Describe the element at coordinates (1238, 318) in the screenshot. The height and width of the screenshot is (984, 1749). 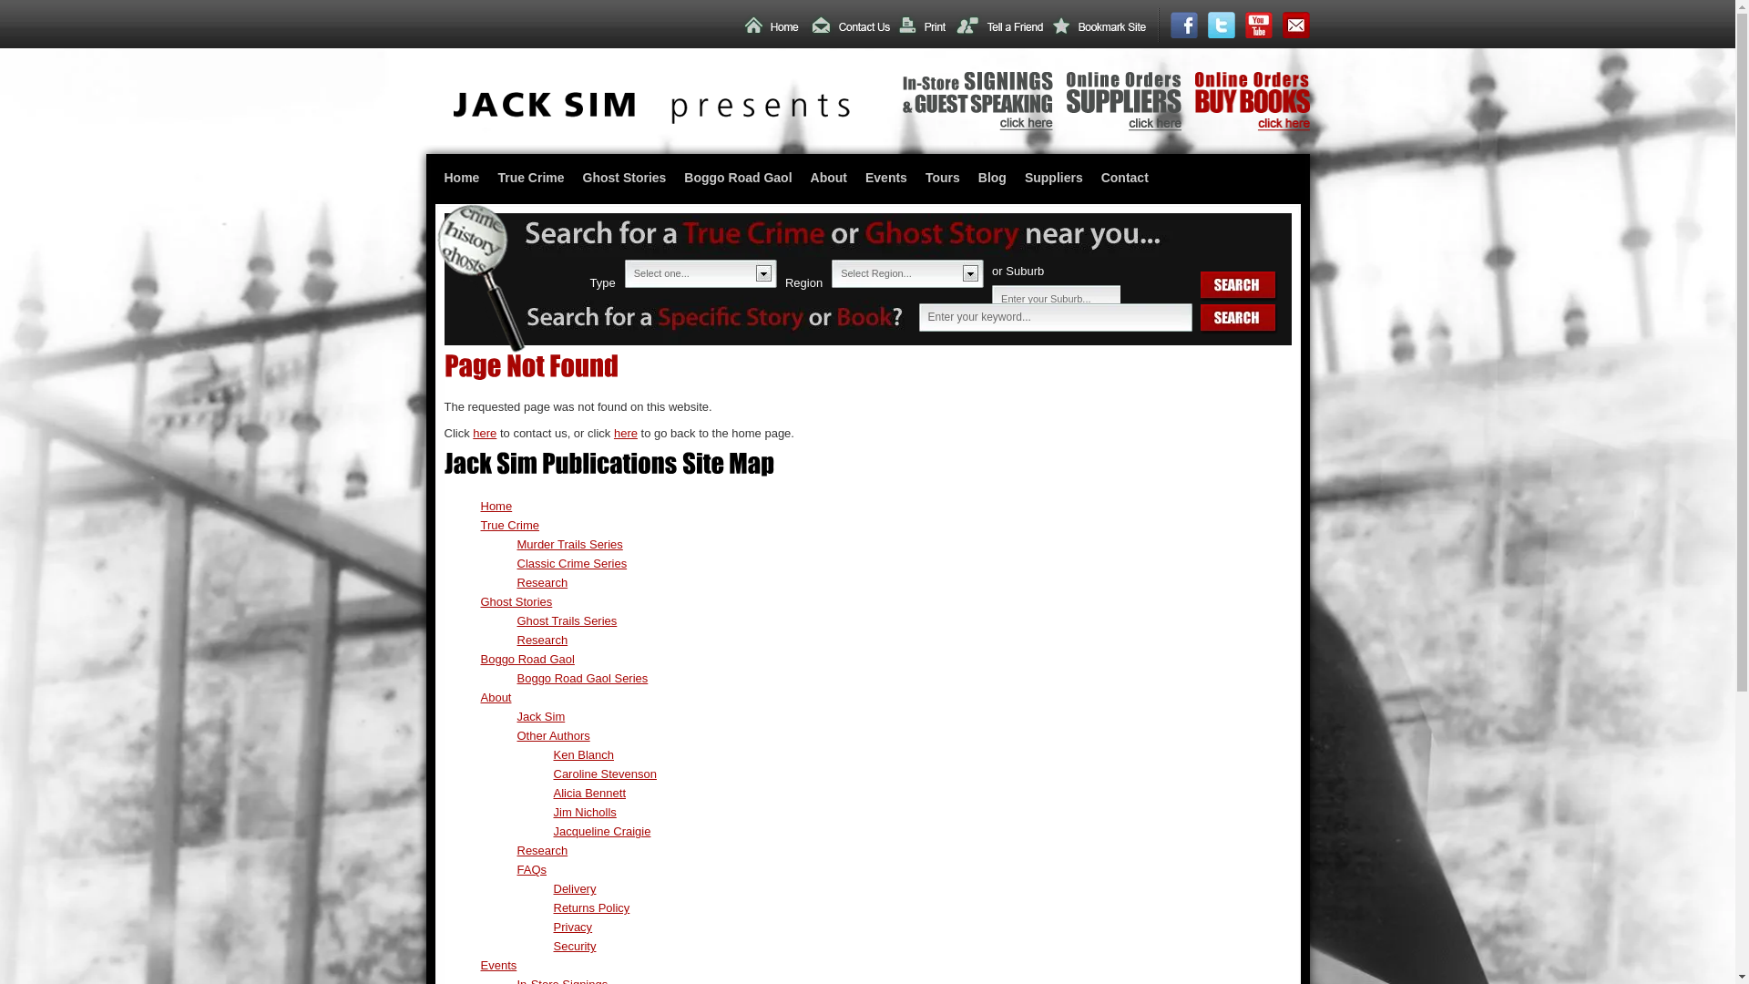
I see `'Search'` at that location.